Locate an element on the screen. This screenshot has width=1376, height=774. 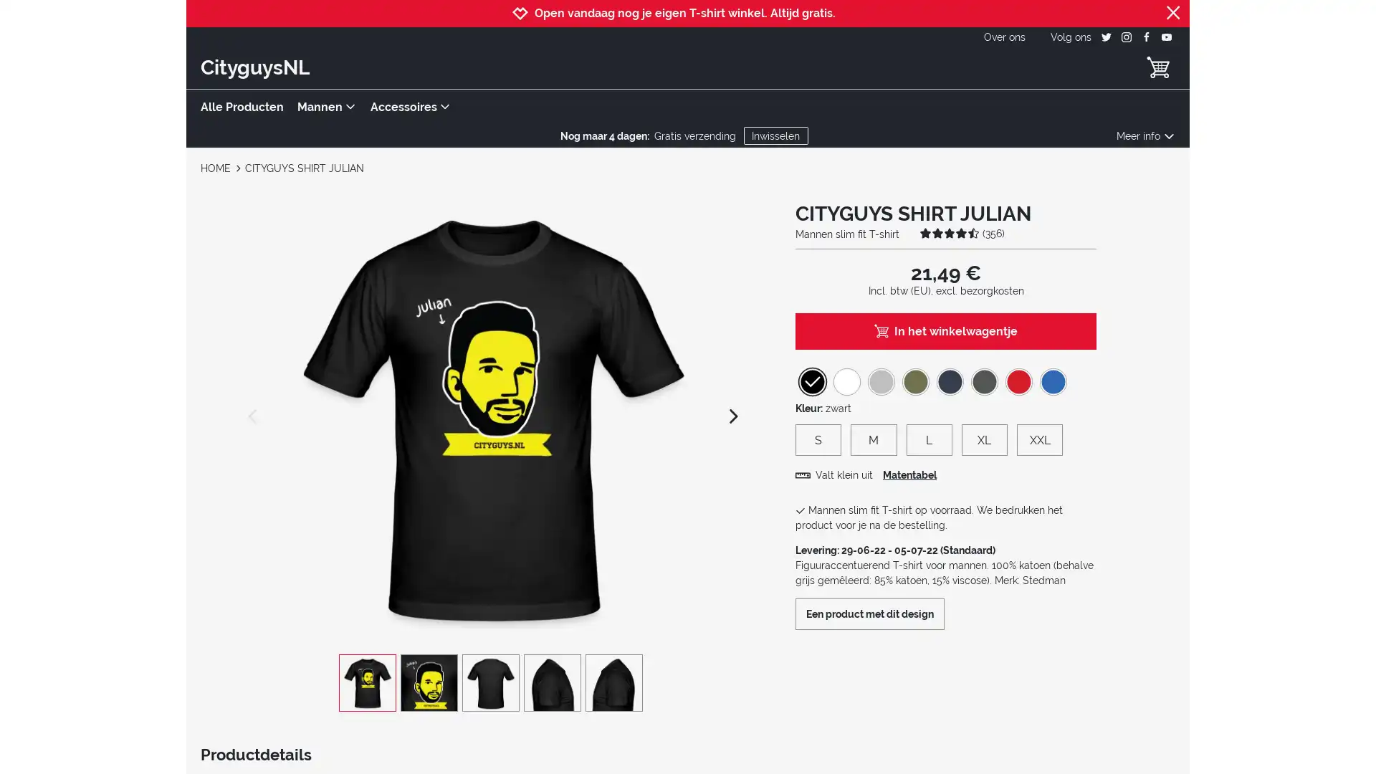
Matentabel is located at coordinates (909, 475).